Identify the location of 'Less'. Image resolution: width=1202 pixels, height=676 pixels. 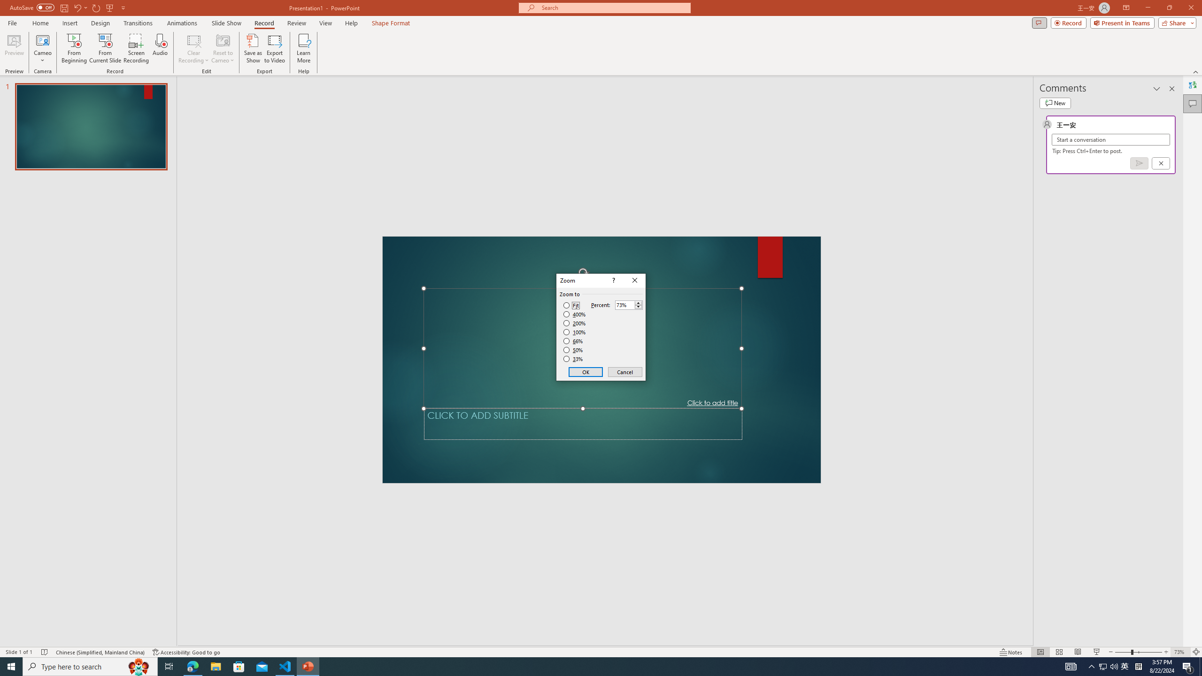
(638, 307).